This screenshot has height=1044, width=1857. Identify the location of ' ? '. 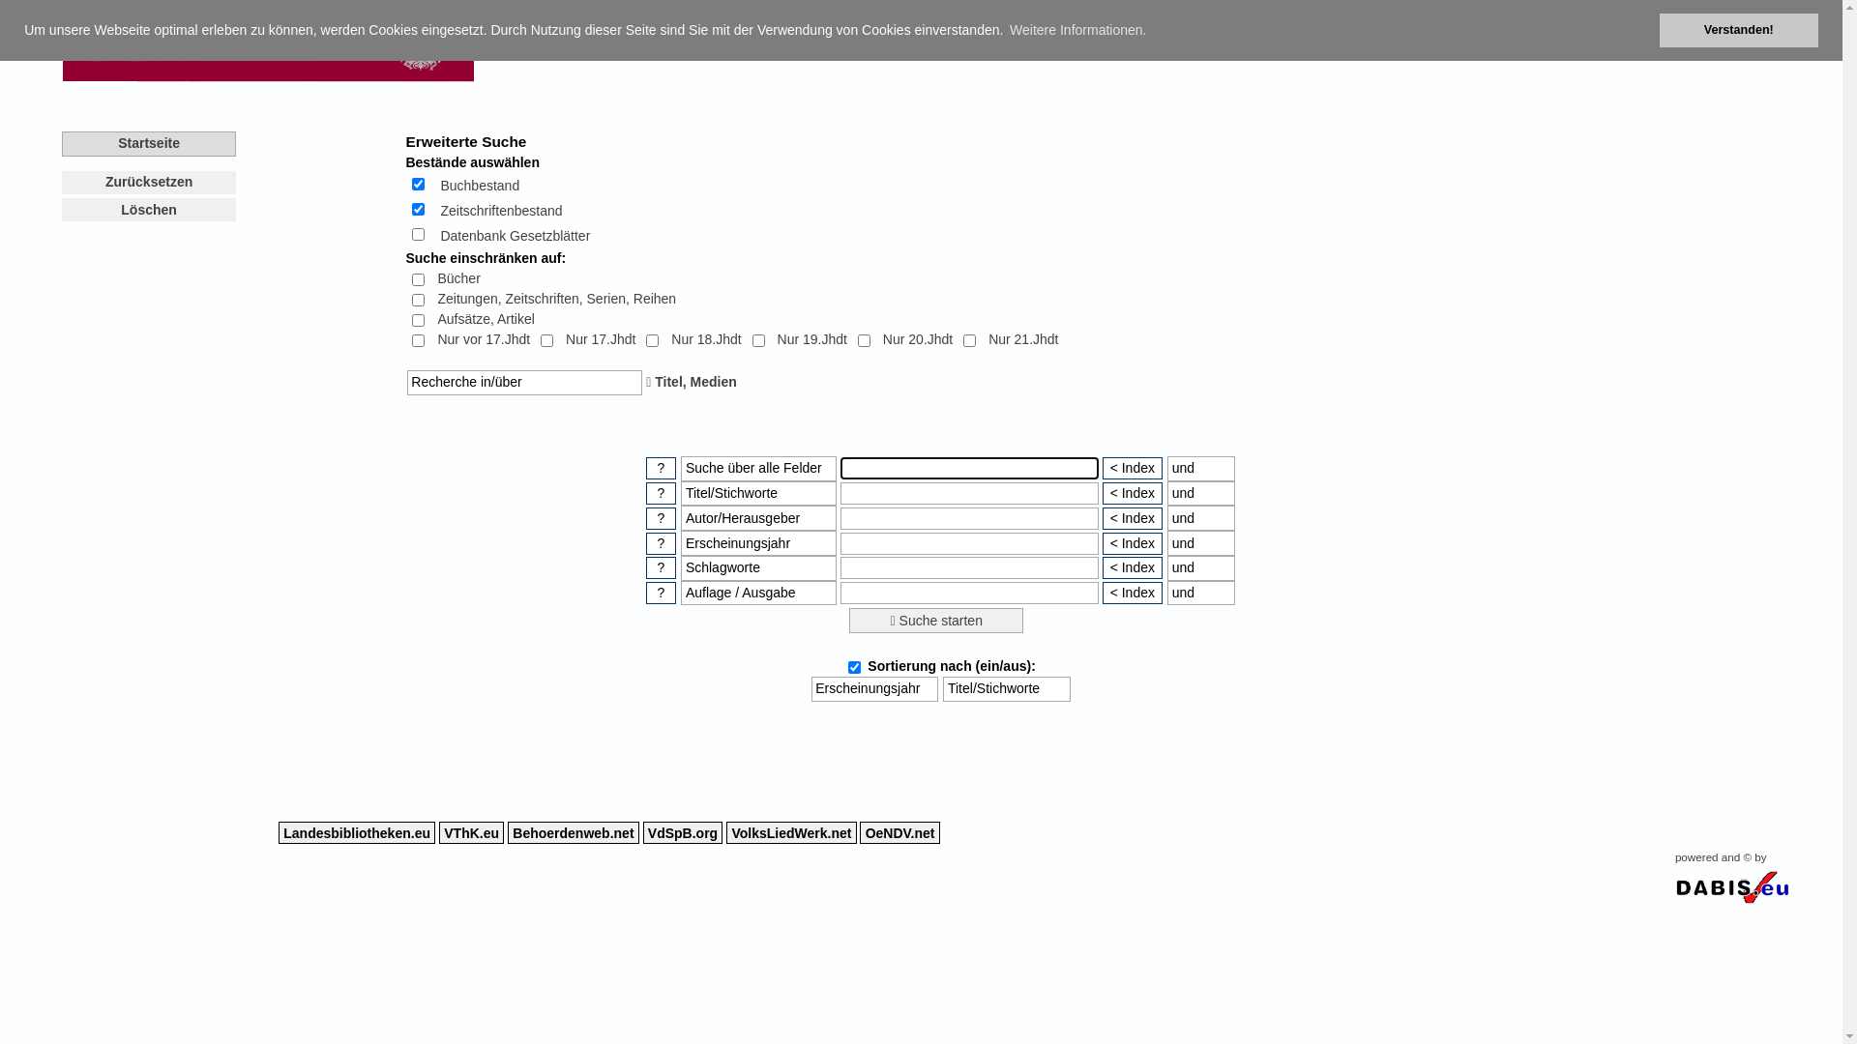
(661, 592).